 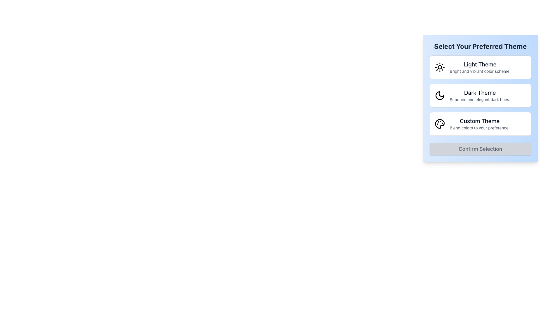 What do you see at coordinates (480, 123) in the screenshot?
I see `the 'Custom Theme' selectable option card located at the bottom of the theme options list` at bounding box center [480, 123].